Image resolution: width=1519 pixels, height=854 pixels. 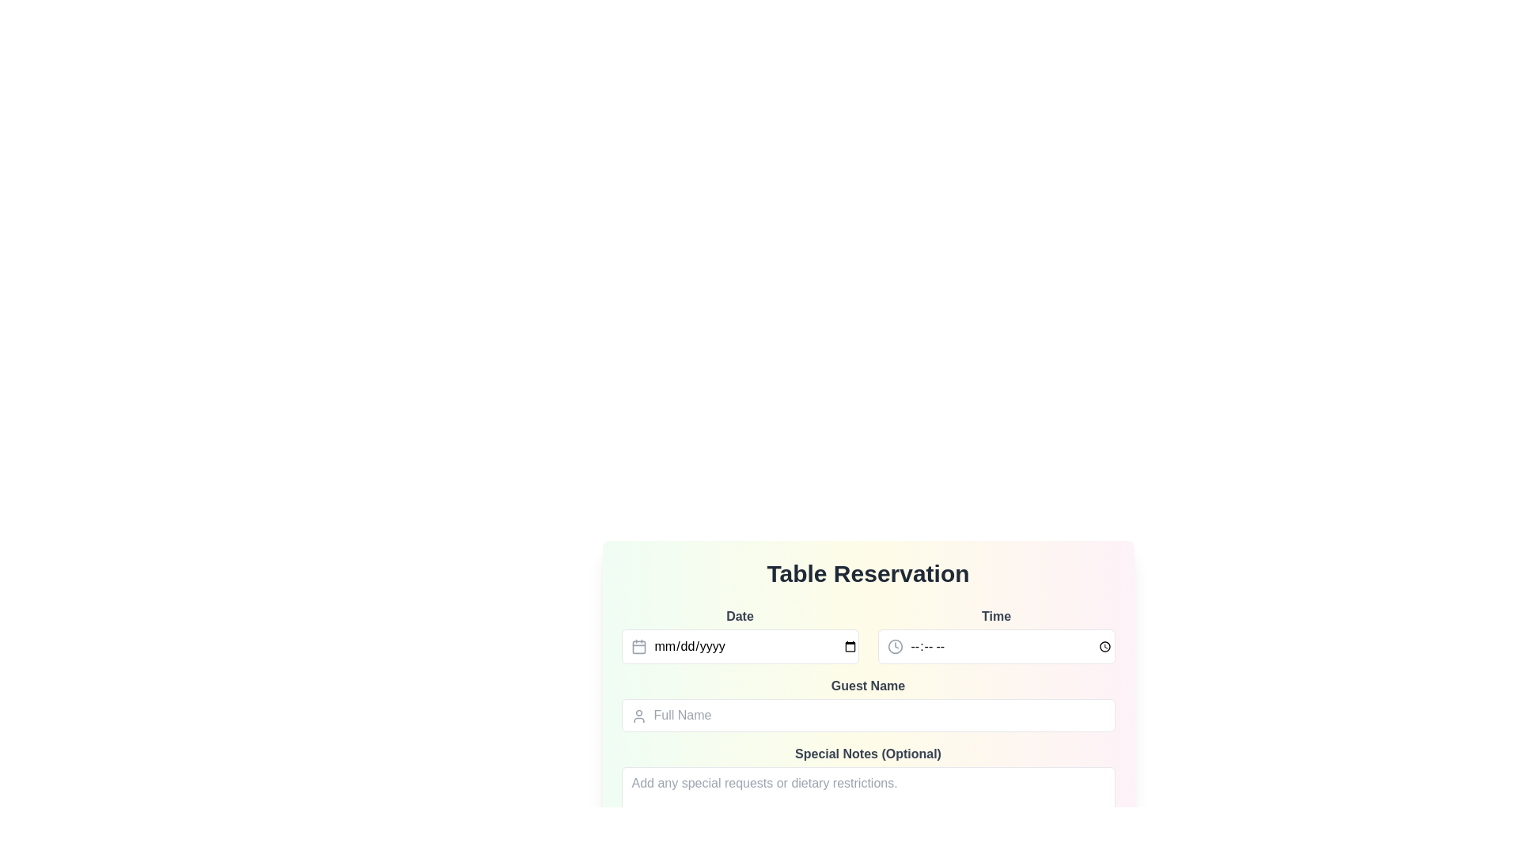 What do you see at coordinates (995, 646) in the screenshot?
I see `the time input field located in the 'Time' section of the table reservation form to focus and edit the time` at bounding box center [995, 646].